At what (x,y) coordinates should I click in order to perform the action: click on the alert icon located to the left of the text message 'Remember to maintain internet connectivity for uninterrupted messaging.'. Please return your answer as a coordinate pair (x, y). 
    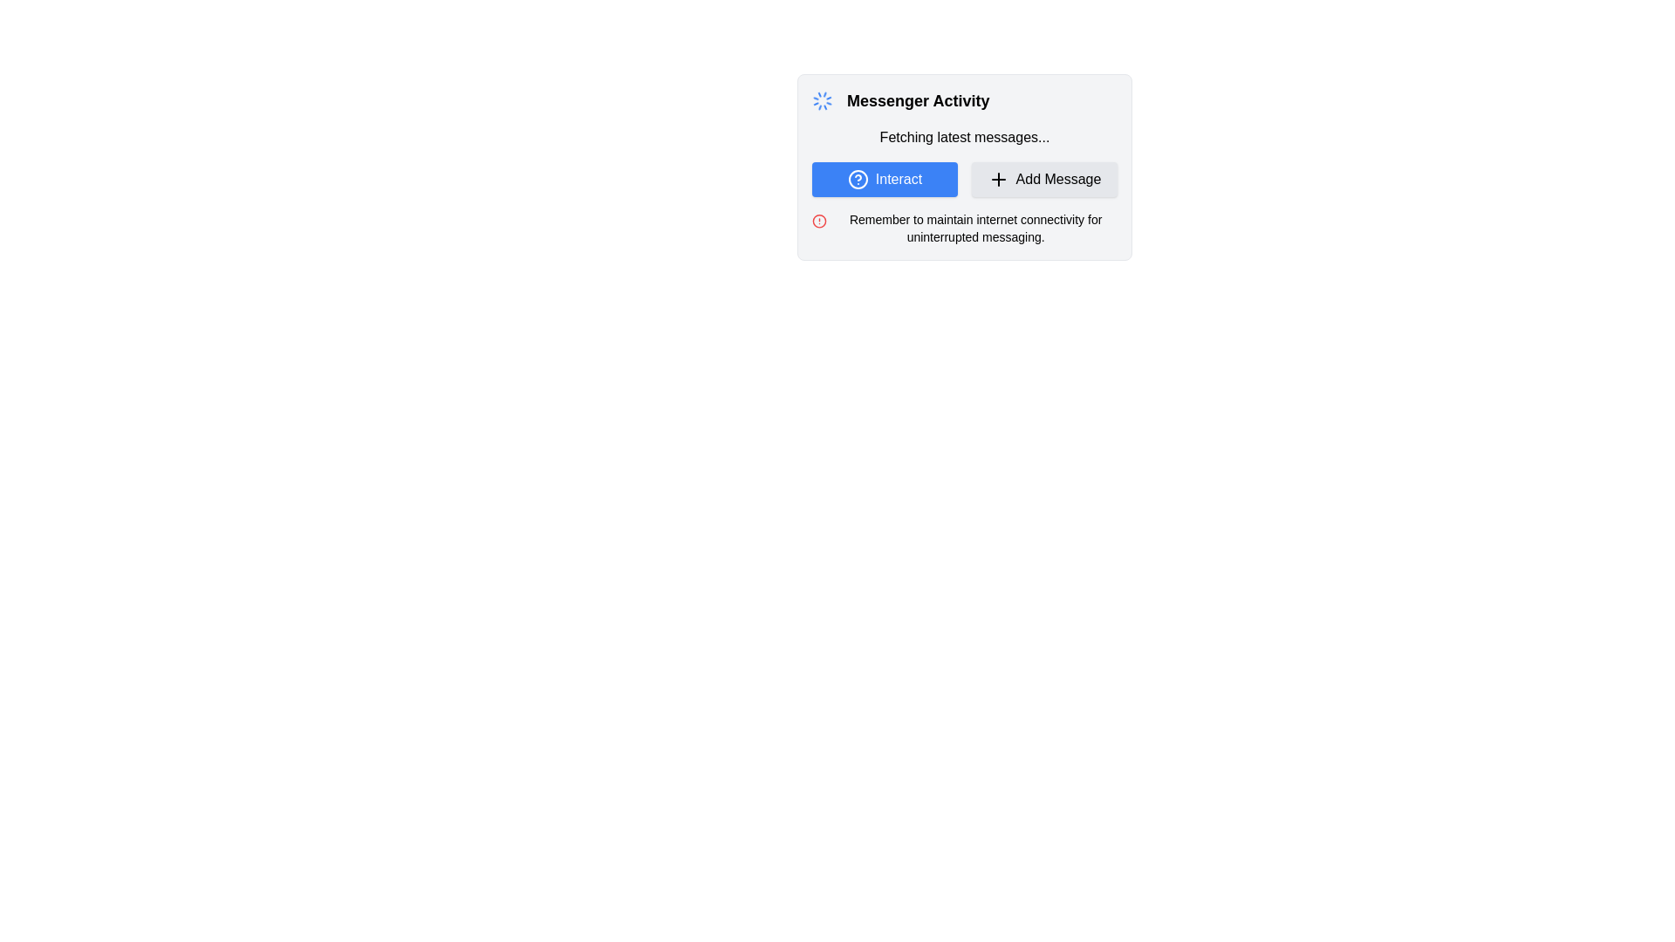
    Looking at the image, I should click on (818, 221).